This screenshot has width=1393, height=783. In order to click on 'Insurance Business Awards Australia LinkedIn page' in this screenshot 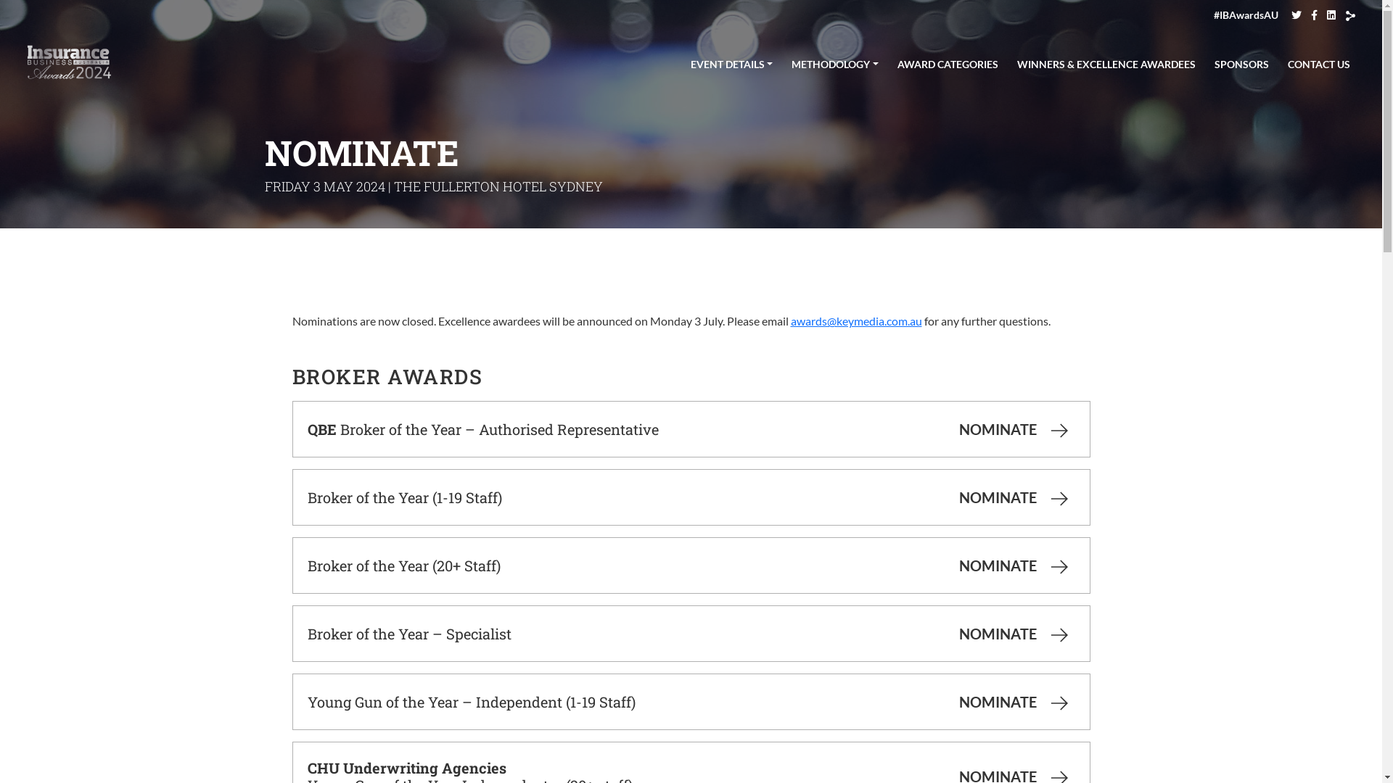, I will do `click(1331, 14)`.